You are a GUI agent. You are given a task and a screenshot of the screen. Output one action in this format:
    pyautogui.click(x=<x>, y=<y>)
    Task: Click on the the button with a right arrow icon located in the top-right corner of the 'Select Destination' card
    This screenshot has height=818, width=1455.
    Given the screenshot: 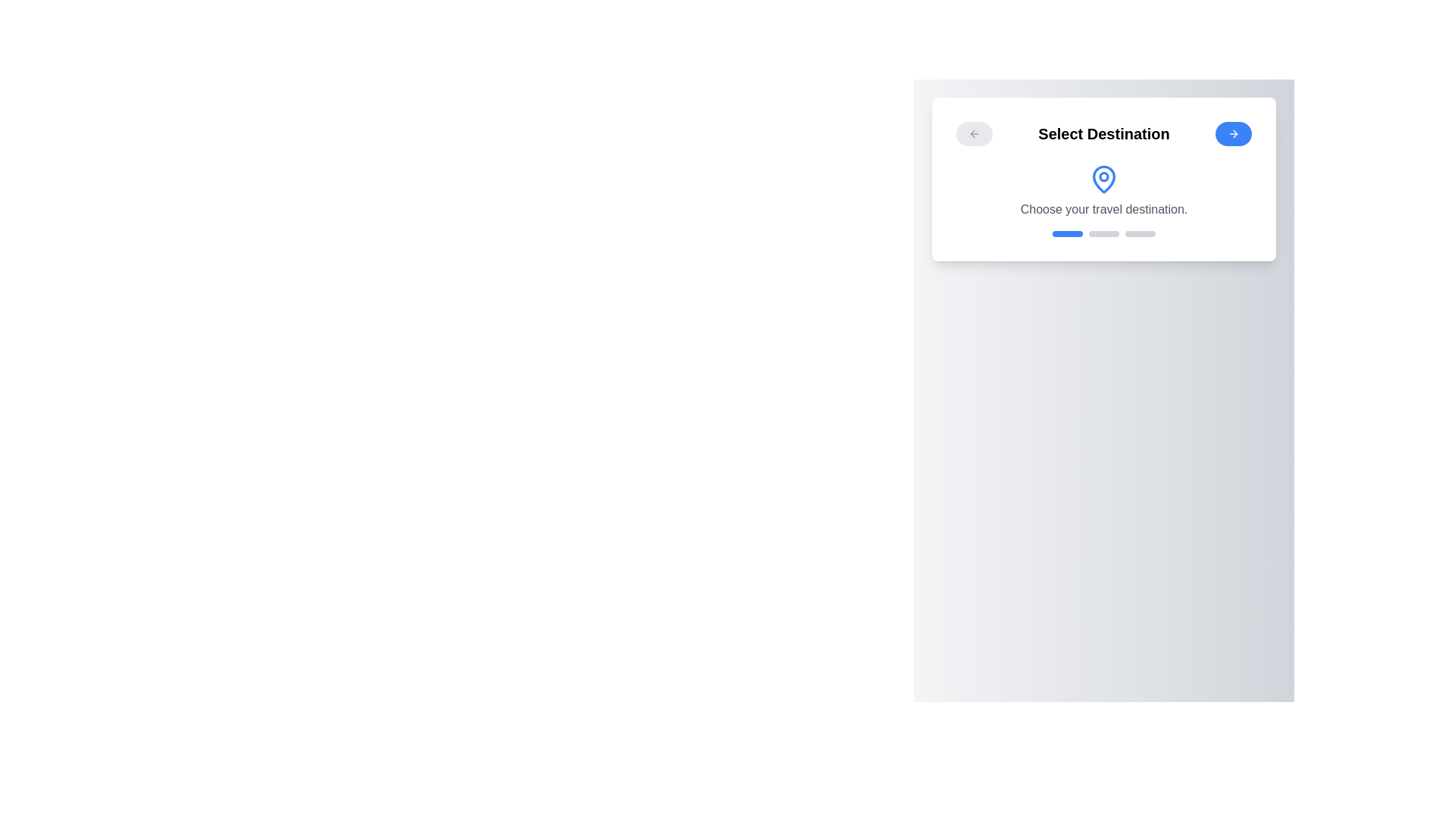 What is the action you would take?
    pyautogui.click(x=1233, y=133)
    